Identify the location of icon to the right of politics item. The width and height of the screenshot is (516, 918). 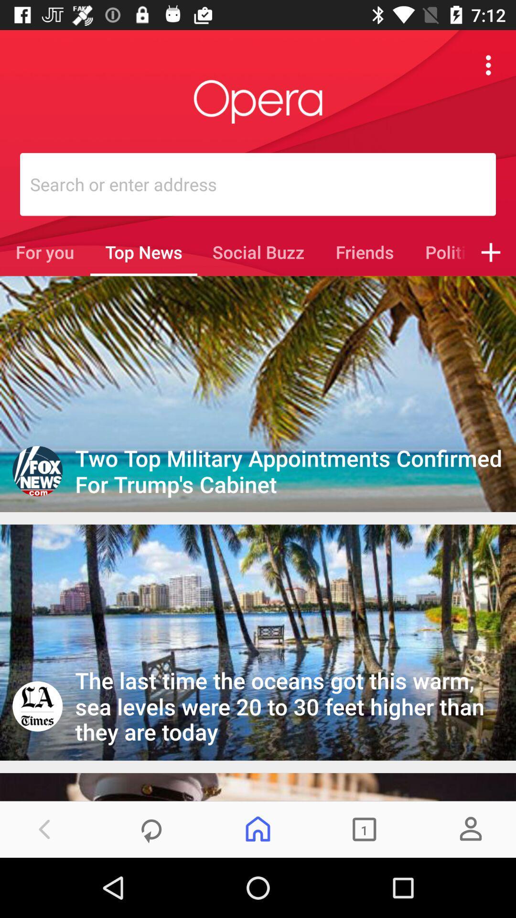
(491, 252).